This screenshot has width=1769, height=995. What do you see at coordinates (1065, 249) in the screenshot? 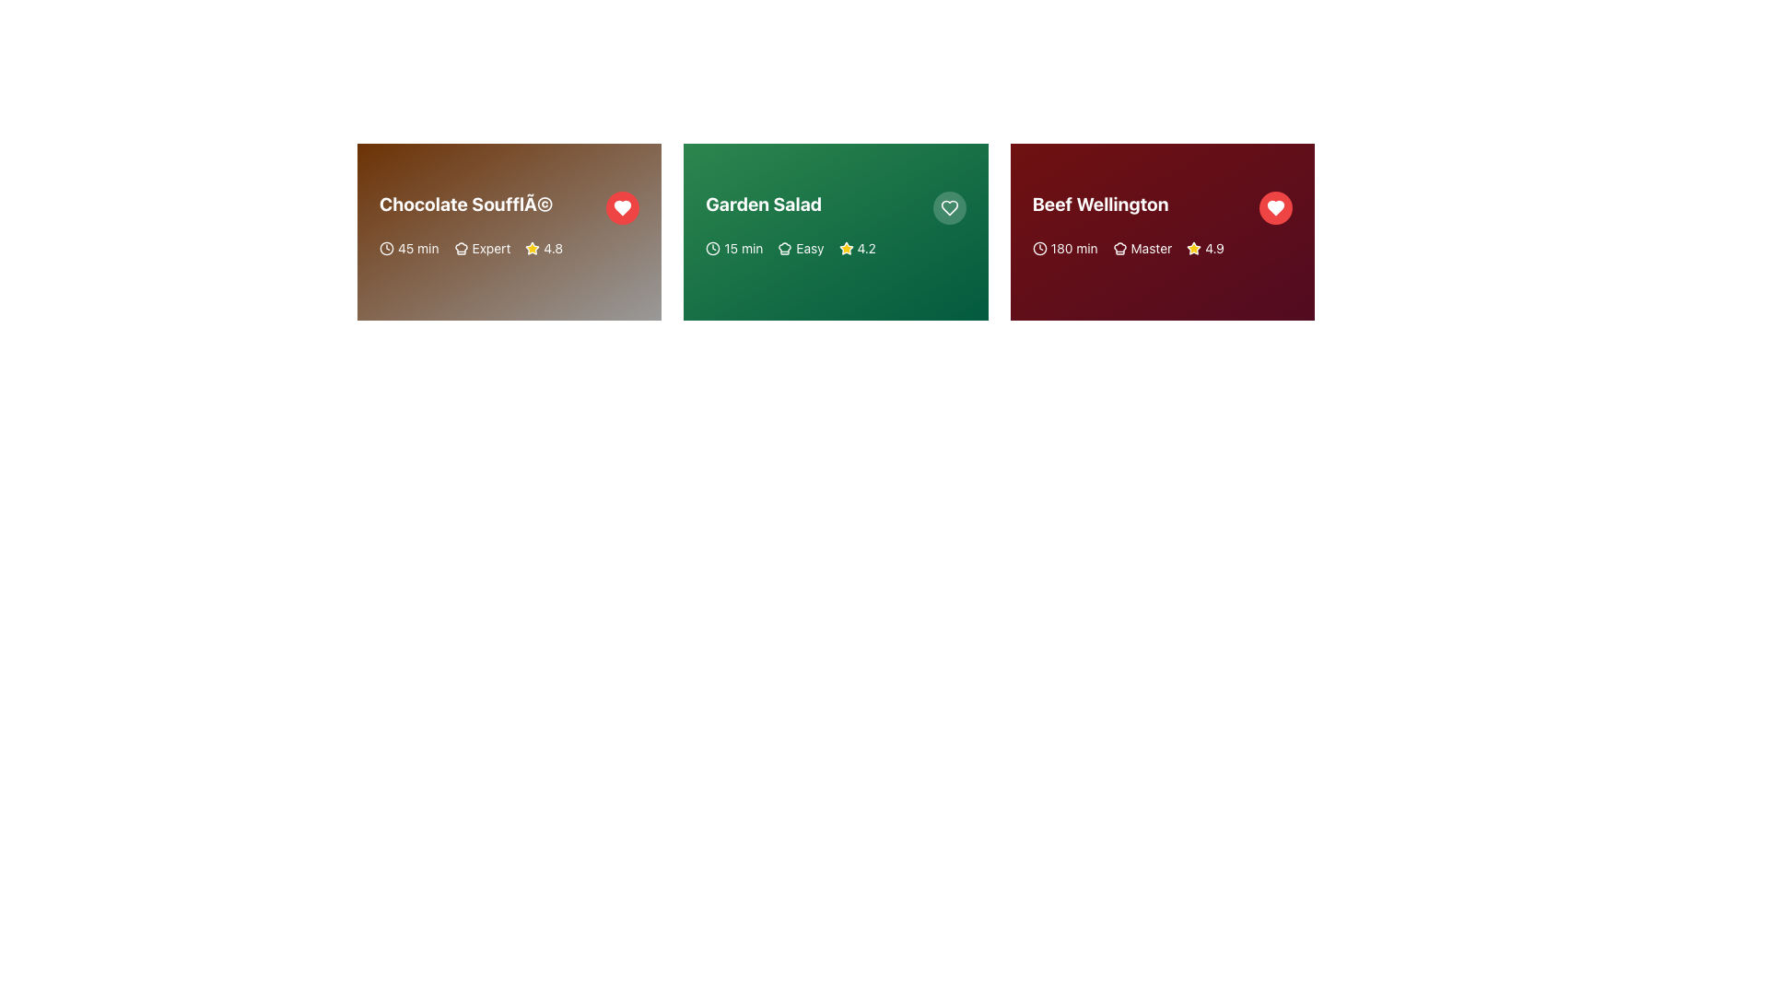
I see `the informational text element displaying '180 min' next to the clock icon, located in the bottom-left corner of the 'Beef Wellington' section` at bounding box center [1065, 249].